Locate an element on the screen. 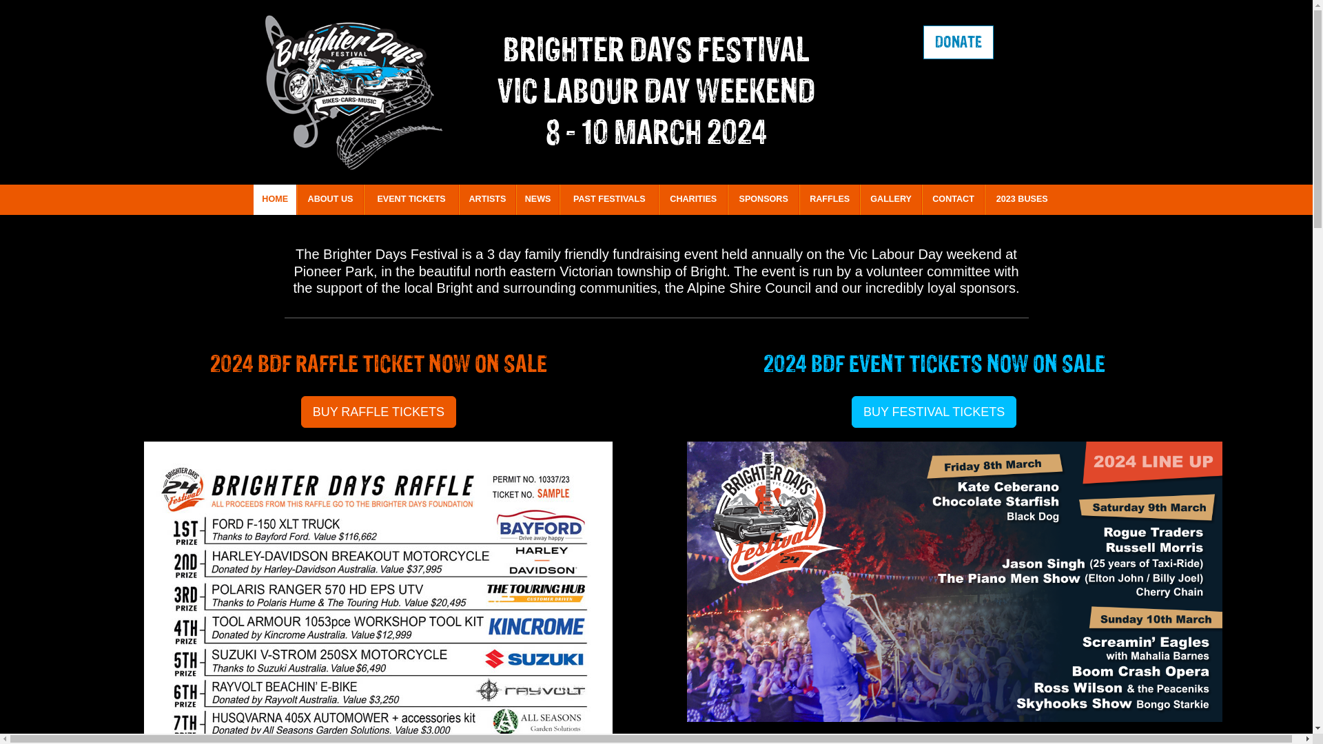 This screenshot has width=1323, height=744. 'DONATE' is located at coordinates (958, 41).